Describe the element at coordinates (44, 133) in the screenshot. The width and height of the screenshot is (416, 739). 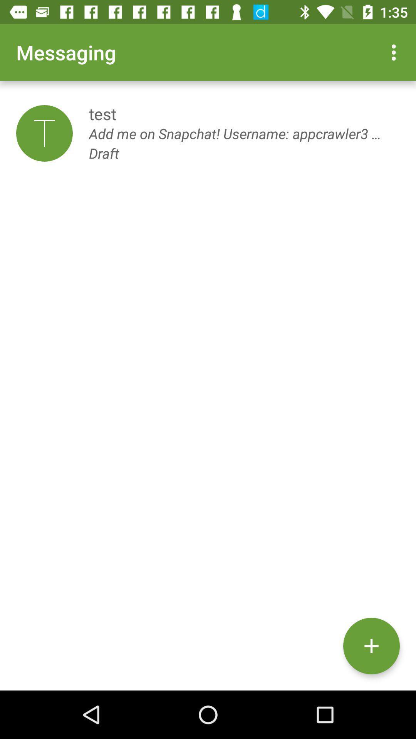
I see `icon next to the test item` at that location.